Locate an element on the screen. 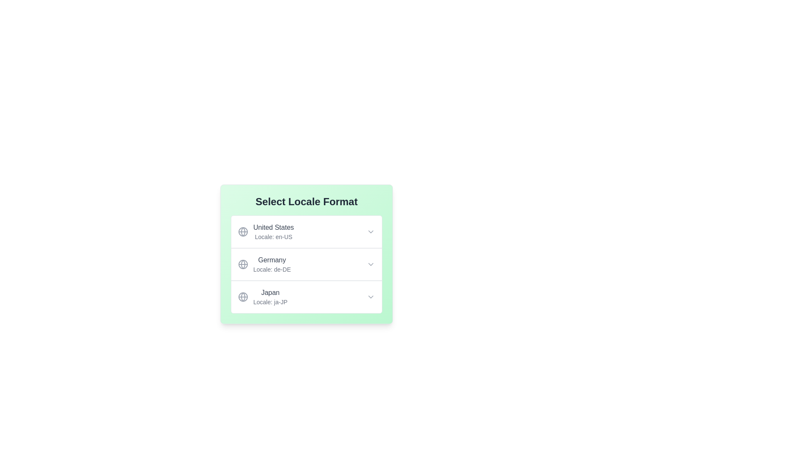  the circular vector graphic icon representing the globe, which is located at the center of the globe icon adjacent to the label 'United States' with subtext 'Locale: en-US' is located at coordinates (243, 264).